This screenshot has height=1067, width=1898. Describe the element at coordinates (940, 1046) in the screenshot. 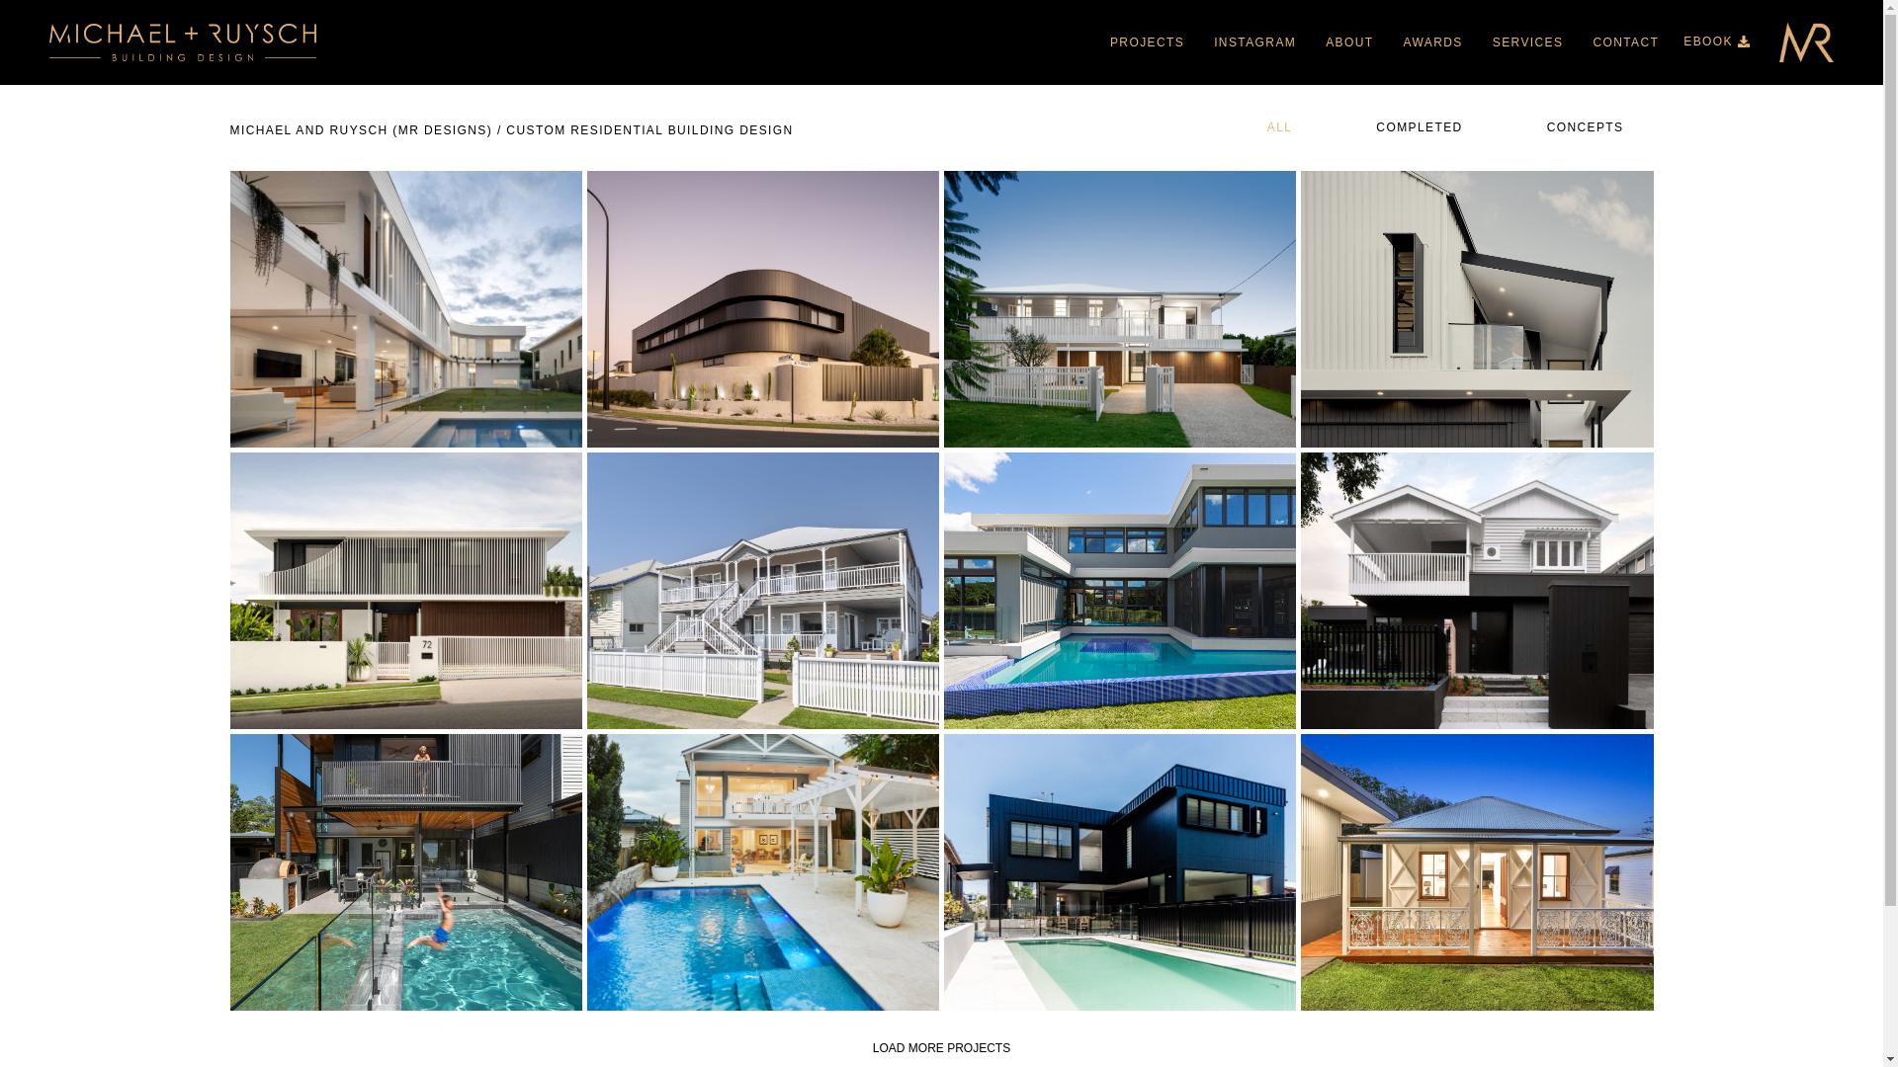

I see `'LOAD MORE PROJECTS'` at that location.